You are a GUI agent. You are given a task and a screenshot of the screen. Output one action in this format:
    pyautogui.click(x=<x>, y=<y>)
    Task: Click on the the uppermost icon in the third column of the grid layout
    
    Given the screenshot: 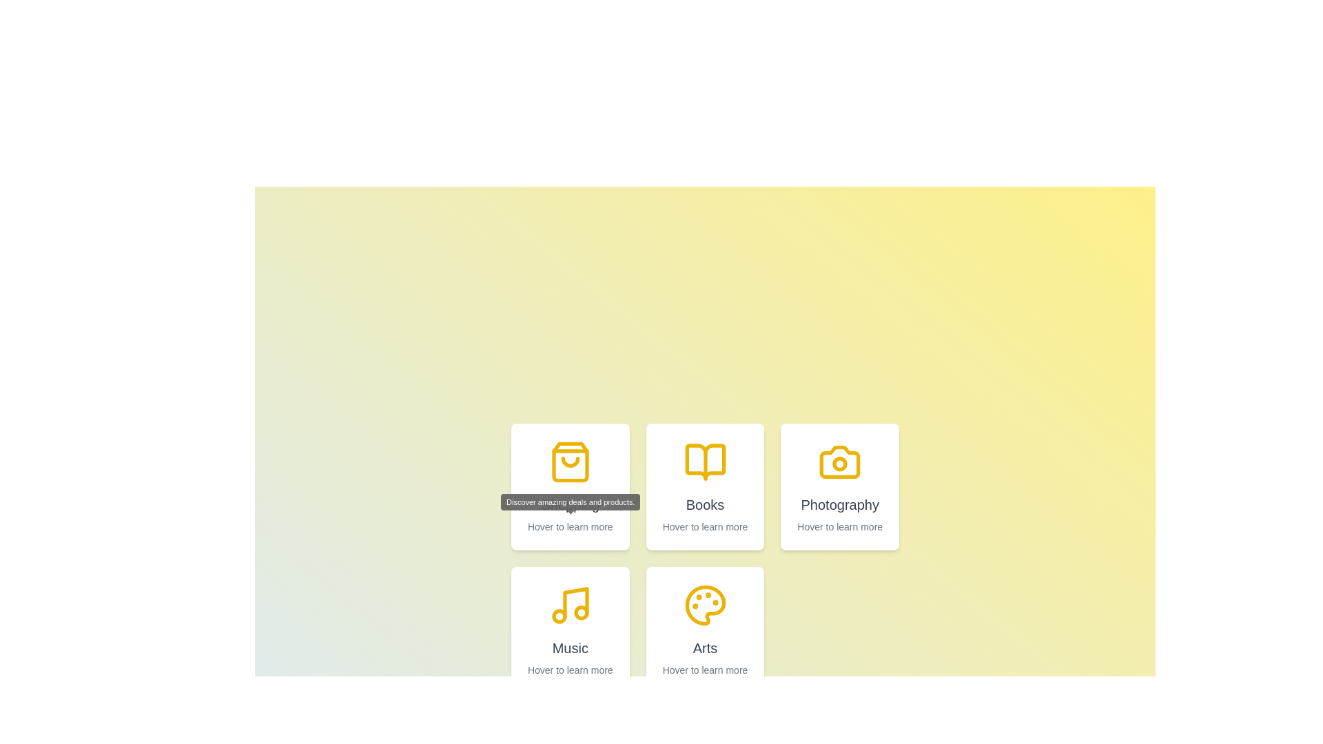 What is the action you would take?
    pyautogui.click(x=839, y=462)
    